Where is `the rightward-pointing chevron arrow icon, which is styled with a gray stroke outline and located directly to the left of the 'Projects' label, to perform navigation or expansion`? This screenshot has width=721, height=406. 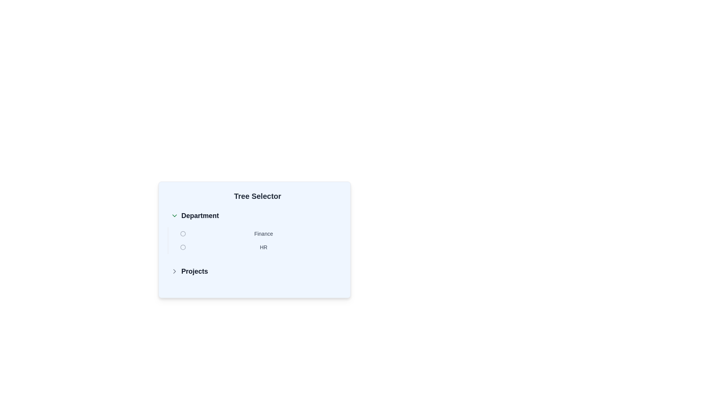
the rightward-pointing chevron arrow icon, which is styled with a gray stroke outline and located directly to the left of the 'Projects' label, to perform navigation or expansion is located at coordinates (174, 271).